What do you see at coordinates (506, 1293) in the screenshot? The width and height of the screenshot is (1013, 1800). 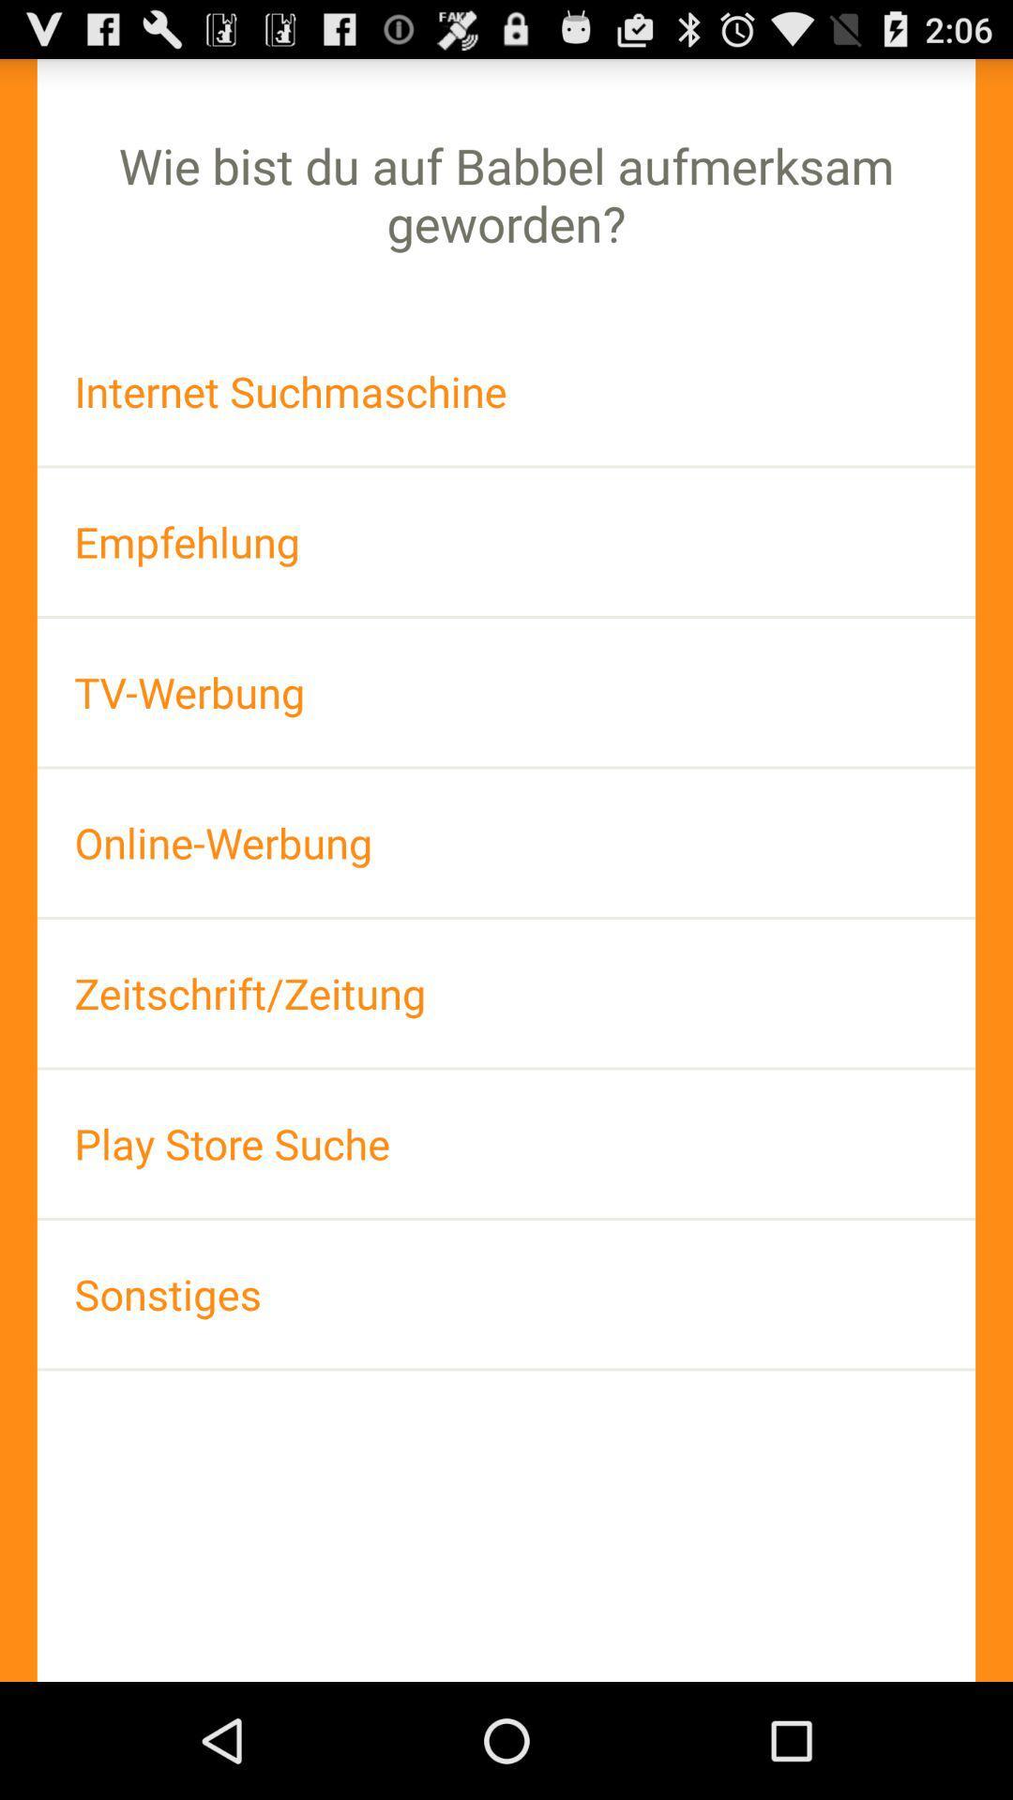 I see `sonstiges icon` at bounding box center [506, 1293].